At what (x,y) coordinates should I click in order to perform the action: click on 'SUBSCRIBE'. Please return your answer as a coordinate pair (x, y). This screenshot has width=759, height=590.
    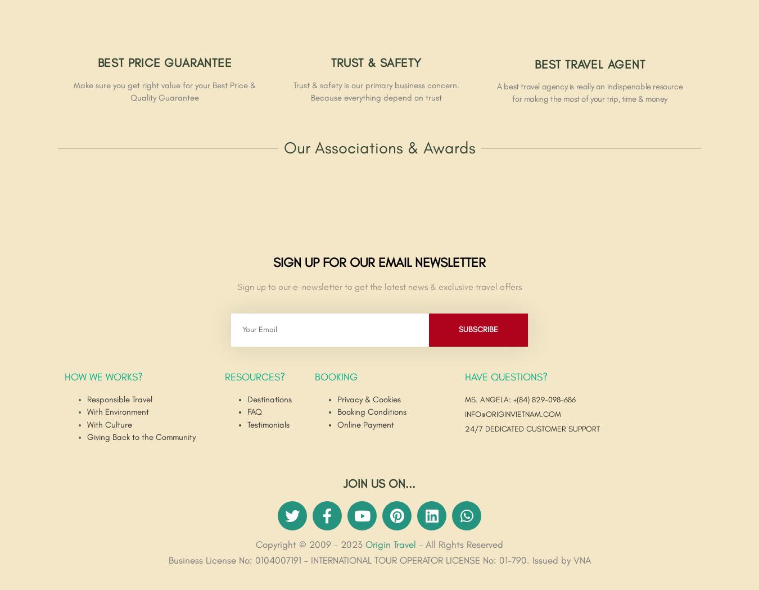
    Looking at the image, I should click on (477, 329).